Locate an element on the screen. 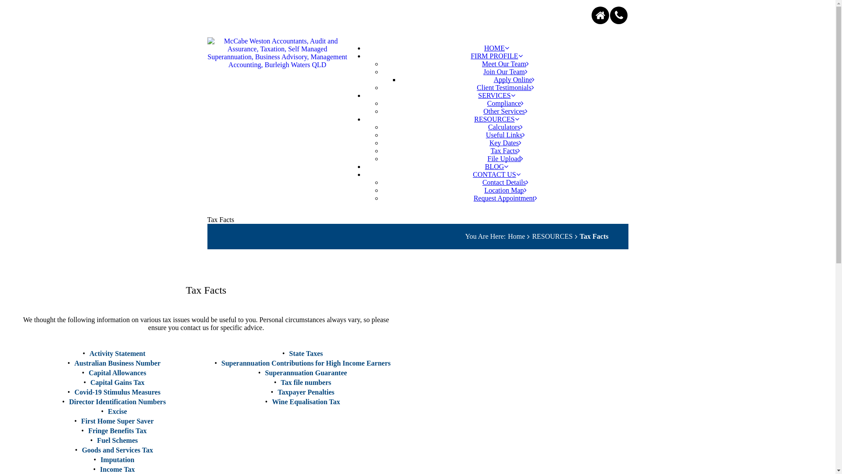 The height and width of the screenshot is (474, 842). 'Contact Details' is located at coordinates (482, 182).